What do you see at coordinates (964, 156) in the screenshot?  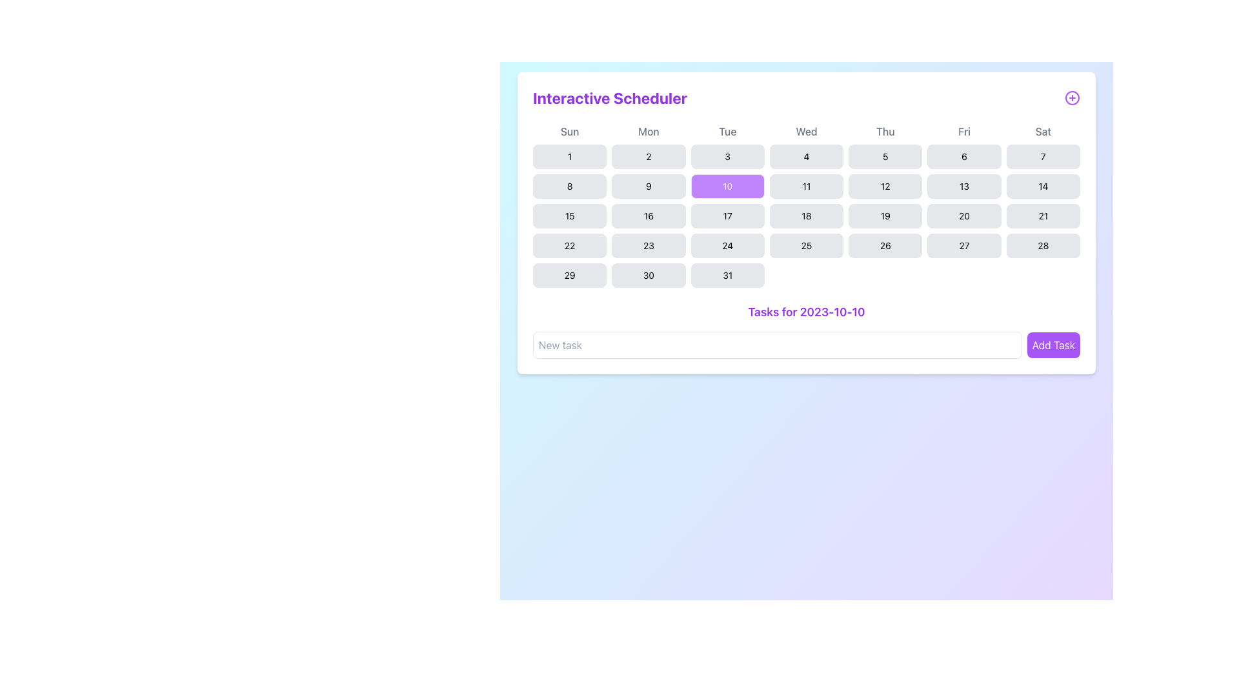 I see `the button representing the sixth day of the month in the calendar interface` at bounding box center [964, 156].